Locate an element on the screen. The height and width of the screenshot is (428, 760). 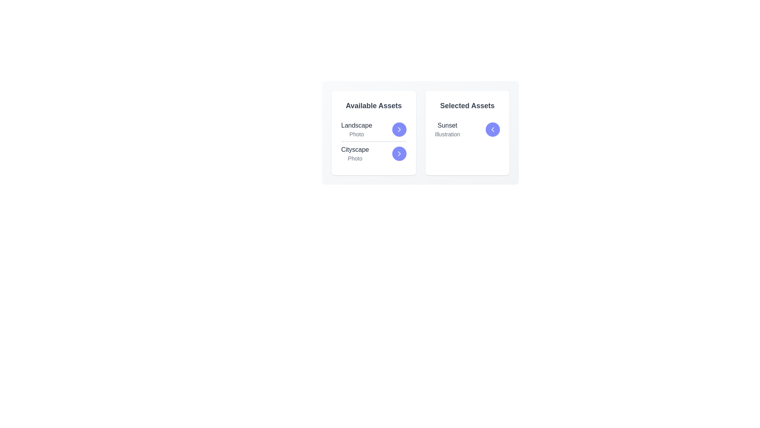
right arrow button next to the asset named Cityscape in the 'Available Assets' section to move it to 'Selected Assets' is located at coordinates (399, 154).